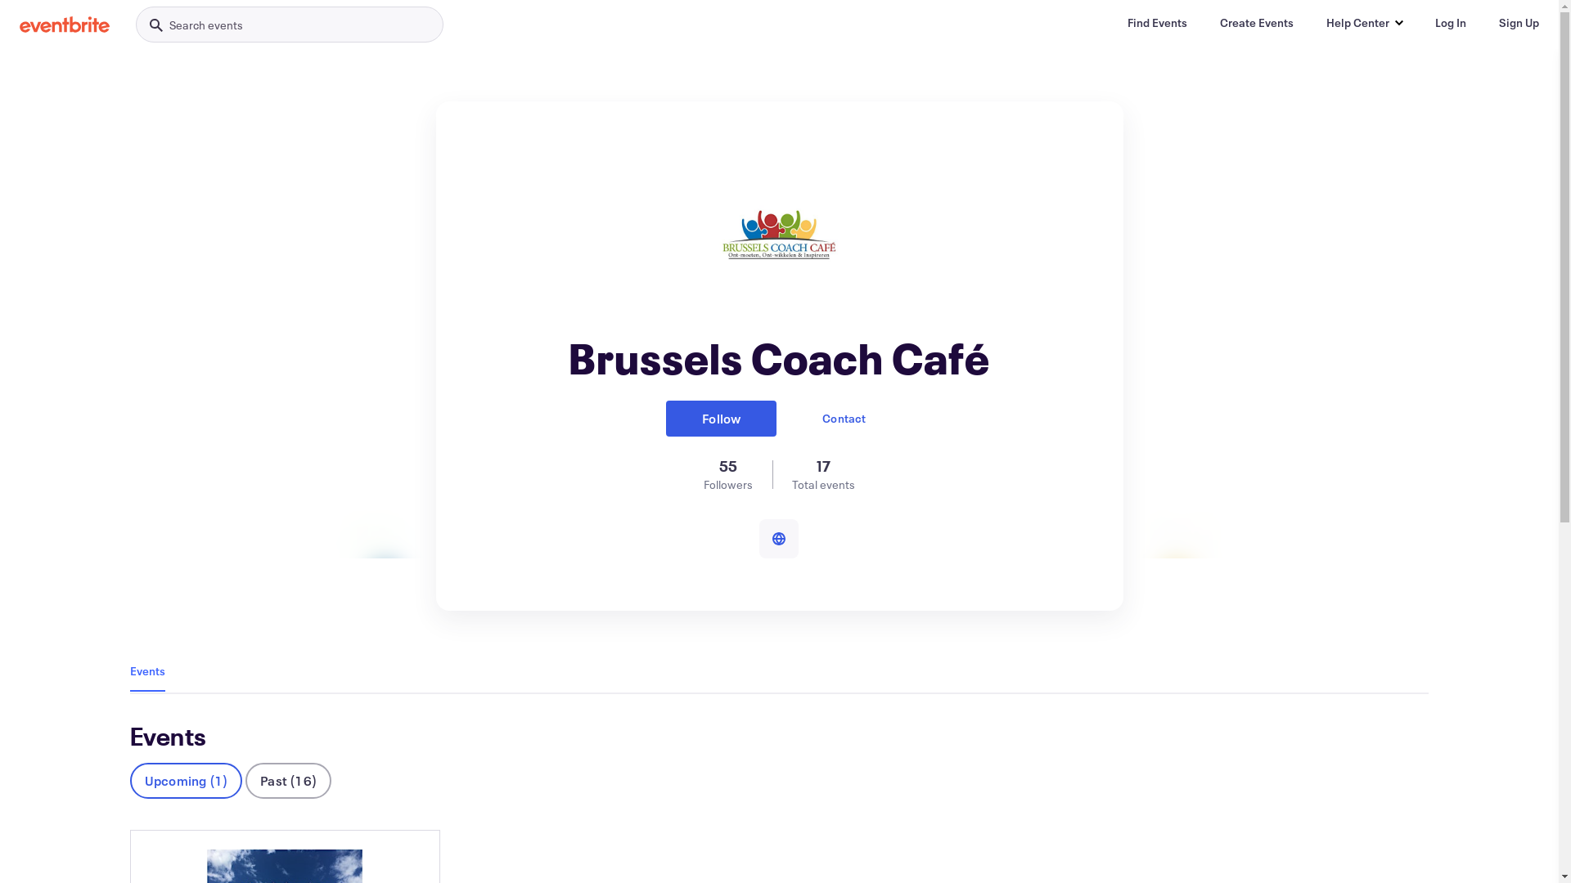  Describe the element at coordinates (1450, 22) in the screenshot. I see `'Log In'` at that location.